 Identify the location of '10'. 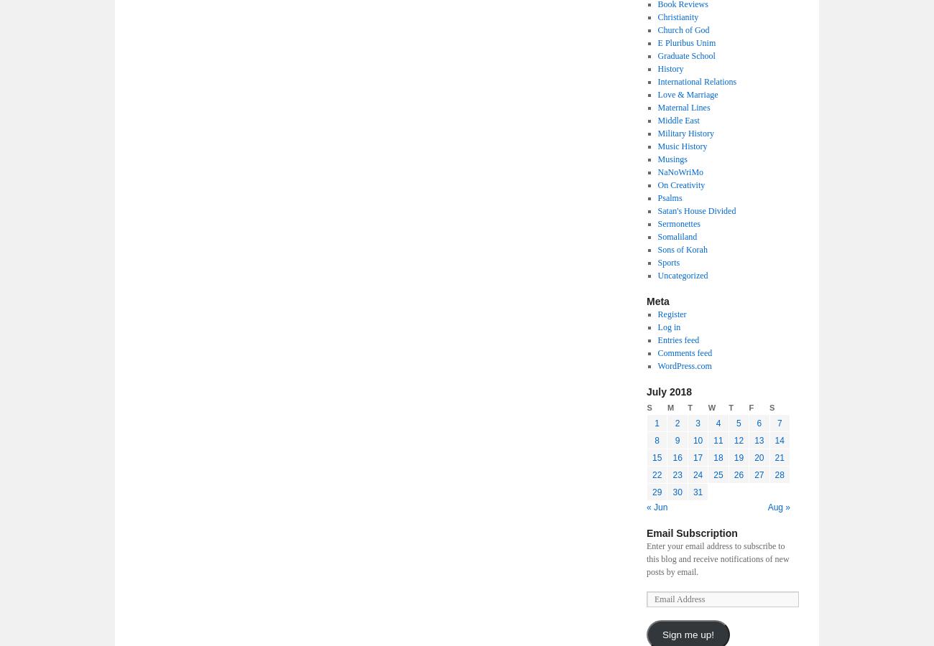
(697, 440).